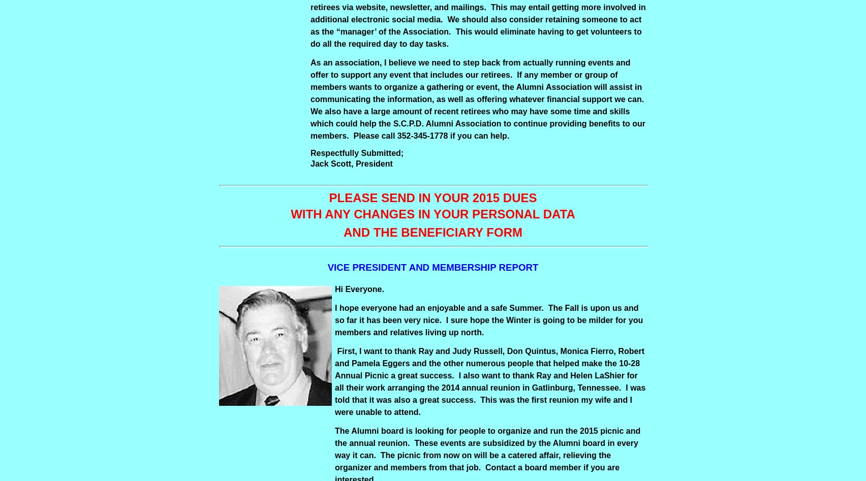  What do you see at coordinates (490, 394) in the screenshot?
I see `'annual reunion in Gatlinburg, Tennessee.  I was told that it was also a great success.  This was the first'` at bounding box center [490, 394].